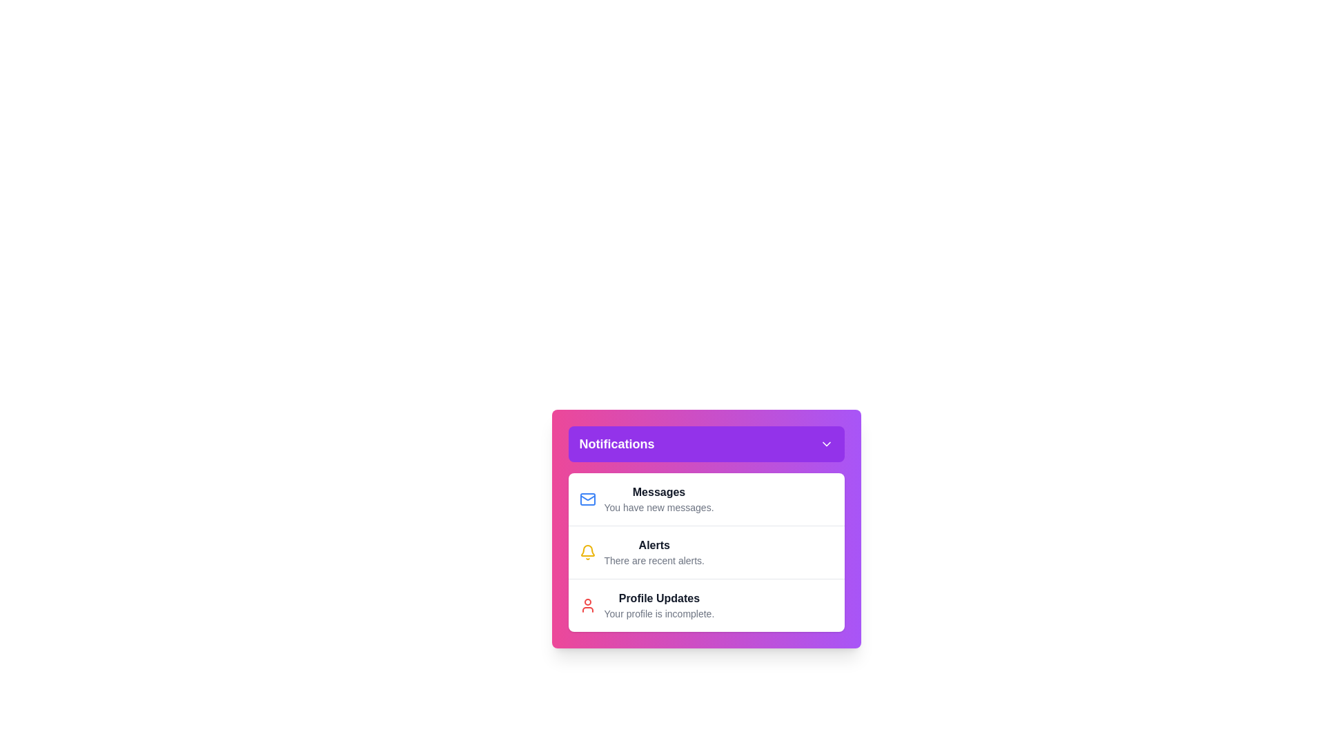  What do you see at coordinates (654, 552) in the screenshot?
I see `the second notification item in the notification dropdown menu` at bounding box center [654, 552].